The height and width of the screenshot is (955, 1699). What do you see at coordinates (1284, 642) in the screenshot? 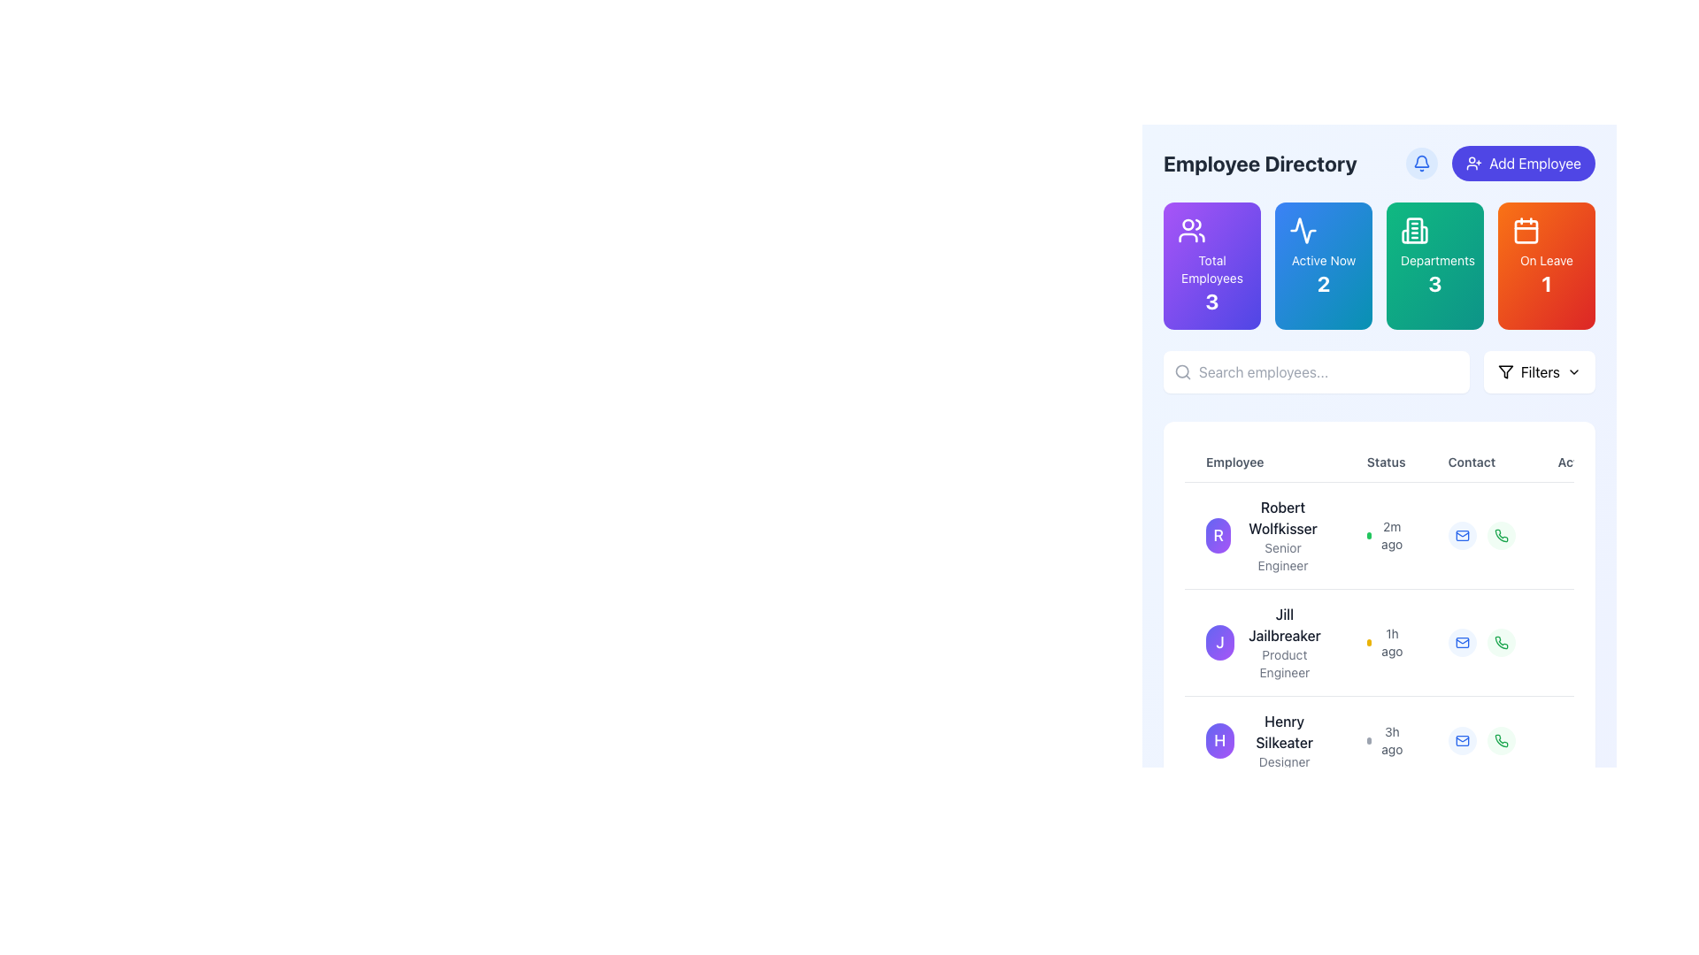
I see `displayed name 'Jill Jailbreaker' and job title 'Product Engineer' from the Text display component in the Employee Directory section, located in the second row of entries` at bounding box center [1284, 642].